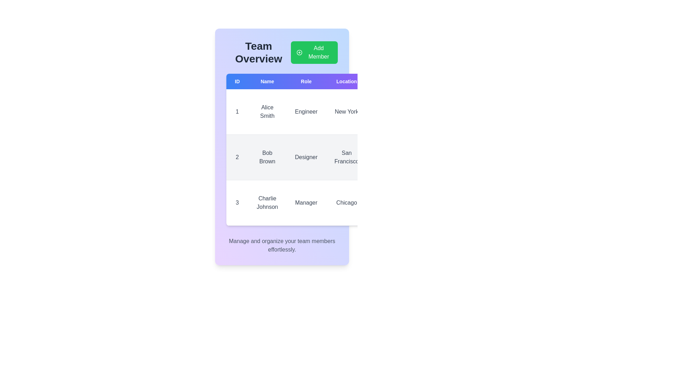 The height and width of the screenshot is (381, 677). I want to click on the static text element that reads 'Manage and organize your team members effortlessly.' which is styled in gray and centered at the bottom of the card-like section, so click(282, 245).